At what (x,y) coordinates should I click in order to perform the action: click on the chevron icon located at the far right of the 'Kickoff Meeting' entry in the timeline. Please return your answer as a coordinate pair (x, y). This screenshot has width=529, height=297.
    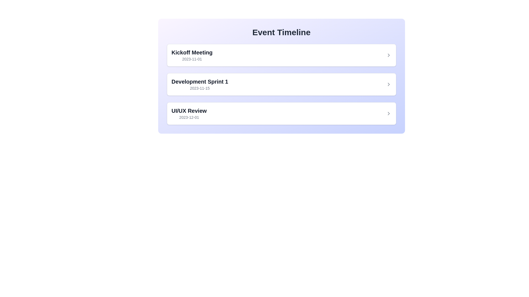
    Looking at the image, I should click on (388, 55).